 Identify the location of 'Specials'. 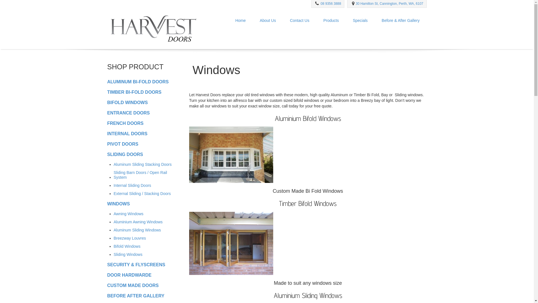
(360, 20).